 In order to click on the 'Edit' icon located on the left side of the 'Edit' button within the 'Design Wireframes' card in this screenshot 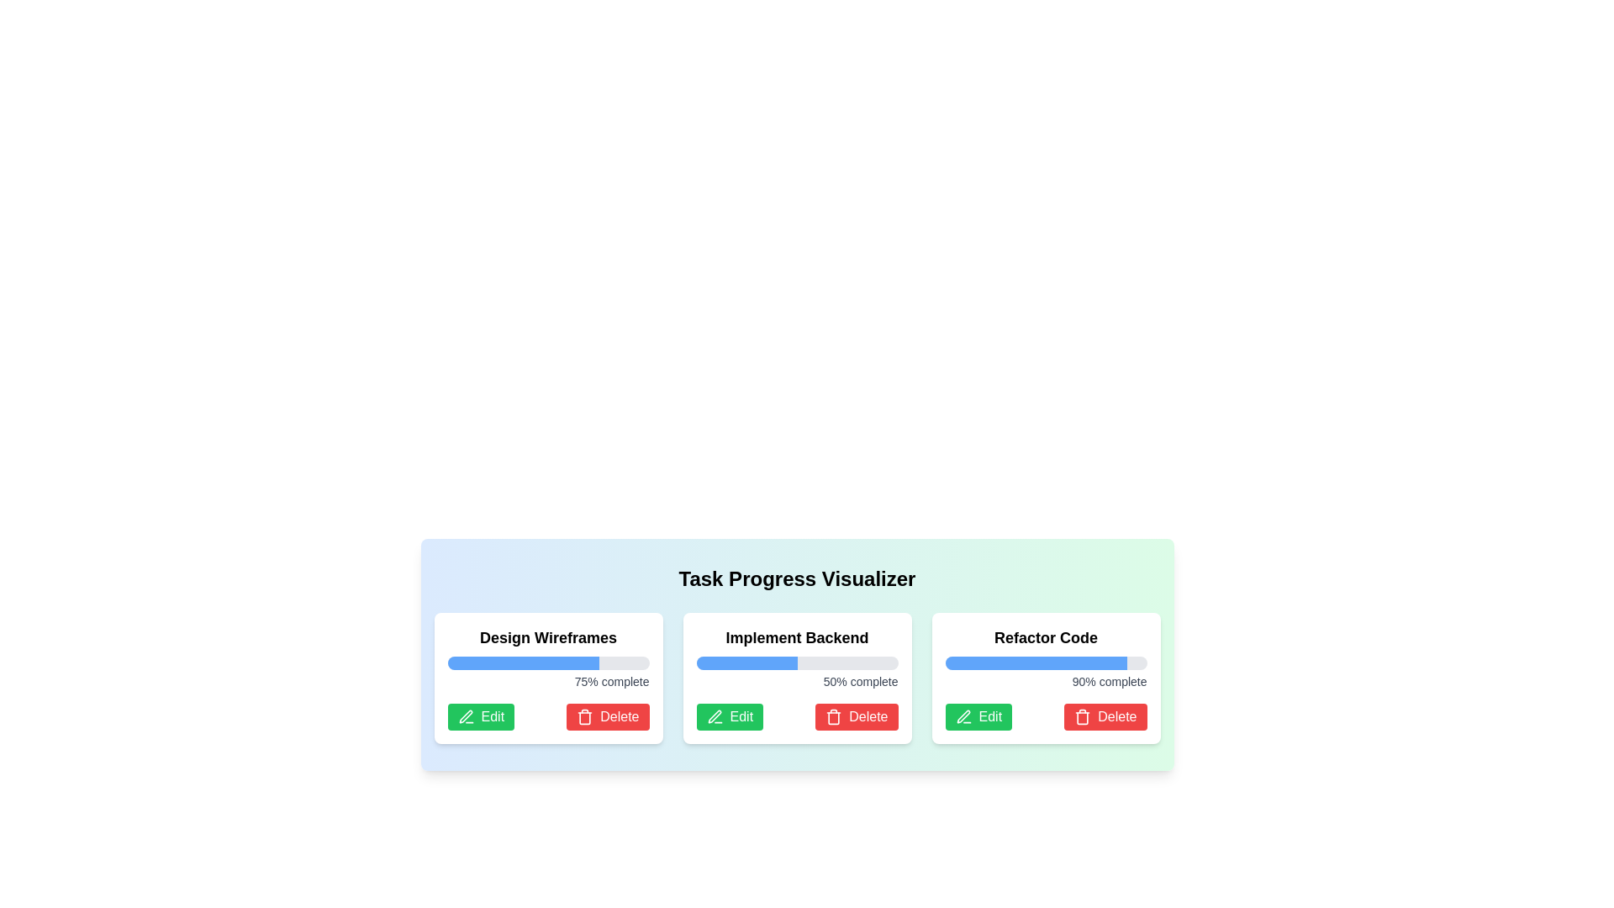, I will do `click(466, 716)`.